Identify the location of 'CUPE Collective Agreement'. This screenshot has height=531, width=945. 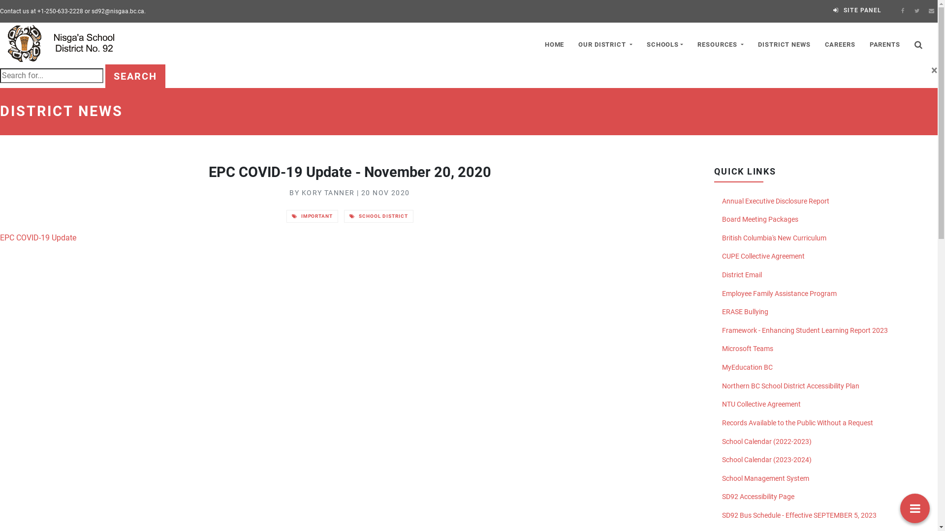
(826, 256).